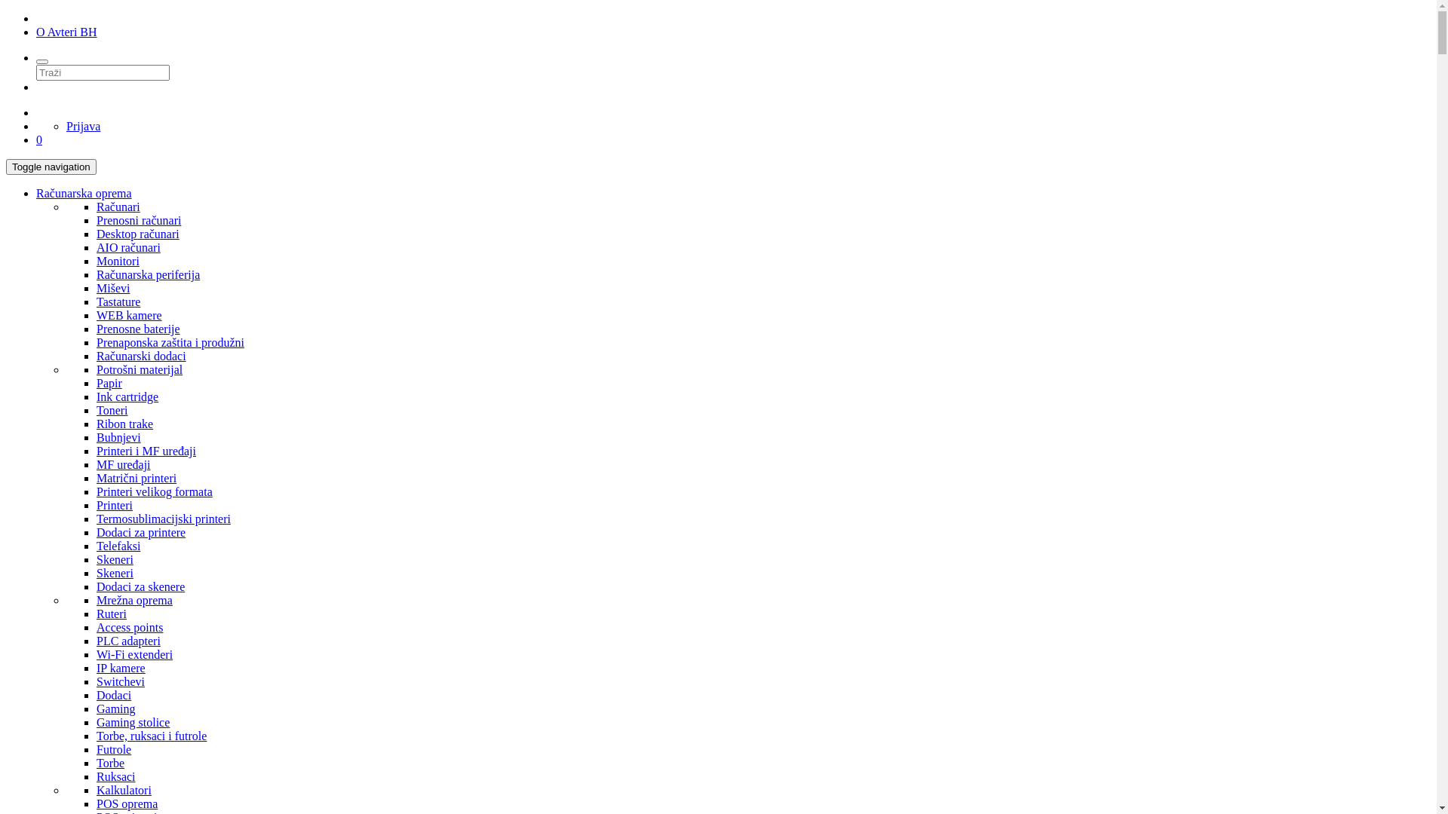 The image size is (1448, 814). What do you see at coordinates (96, 681) in the screenshot?
I see `'Switchevi'` at bounding box center [96, 681].